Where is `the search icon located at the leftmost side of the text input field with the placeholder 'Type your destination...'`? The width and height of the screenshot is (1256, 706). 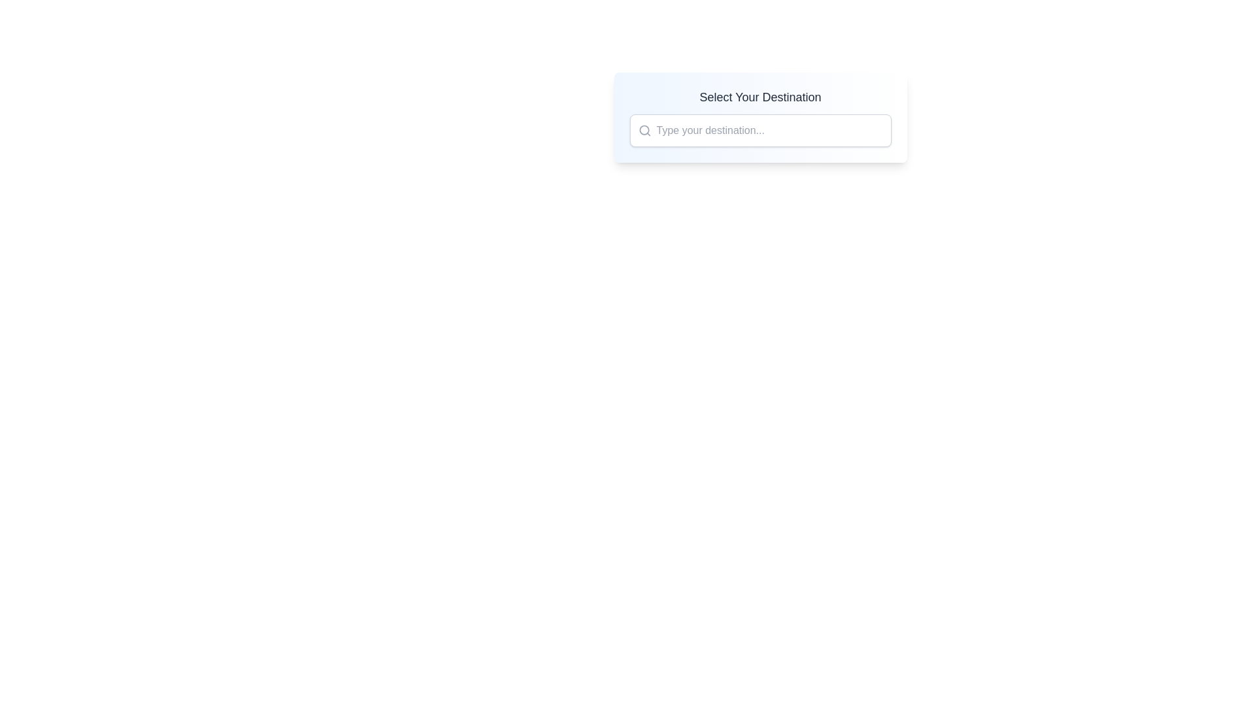
the search icon located at the leftmost side of the text input field with the placeholder 'Type your destination...' is located at coordinates (644, 131).